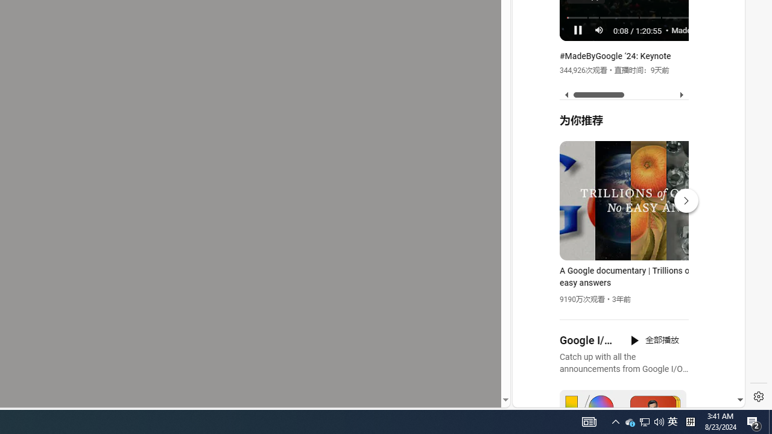 This screenshot has width=772, height=434. I want to click on 'Google I/O 2024', so click(587, 341).